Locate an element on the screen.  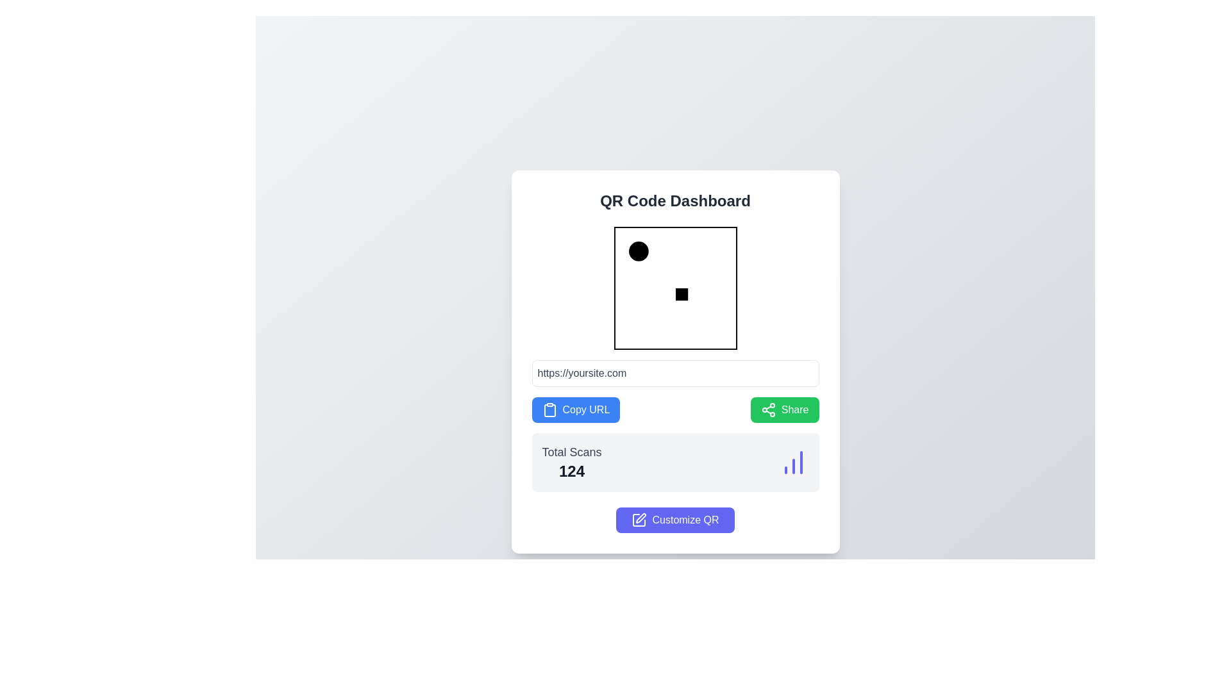
the title or heading text element that is positioned at the top center of the white card-like structure, which serves as a context for the content below it is located at coordinates (674, 201).